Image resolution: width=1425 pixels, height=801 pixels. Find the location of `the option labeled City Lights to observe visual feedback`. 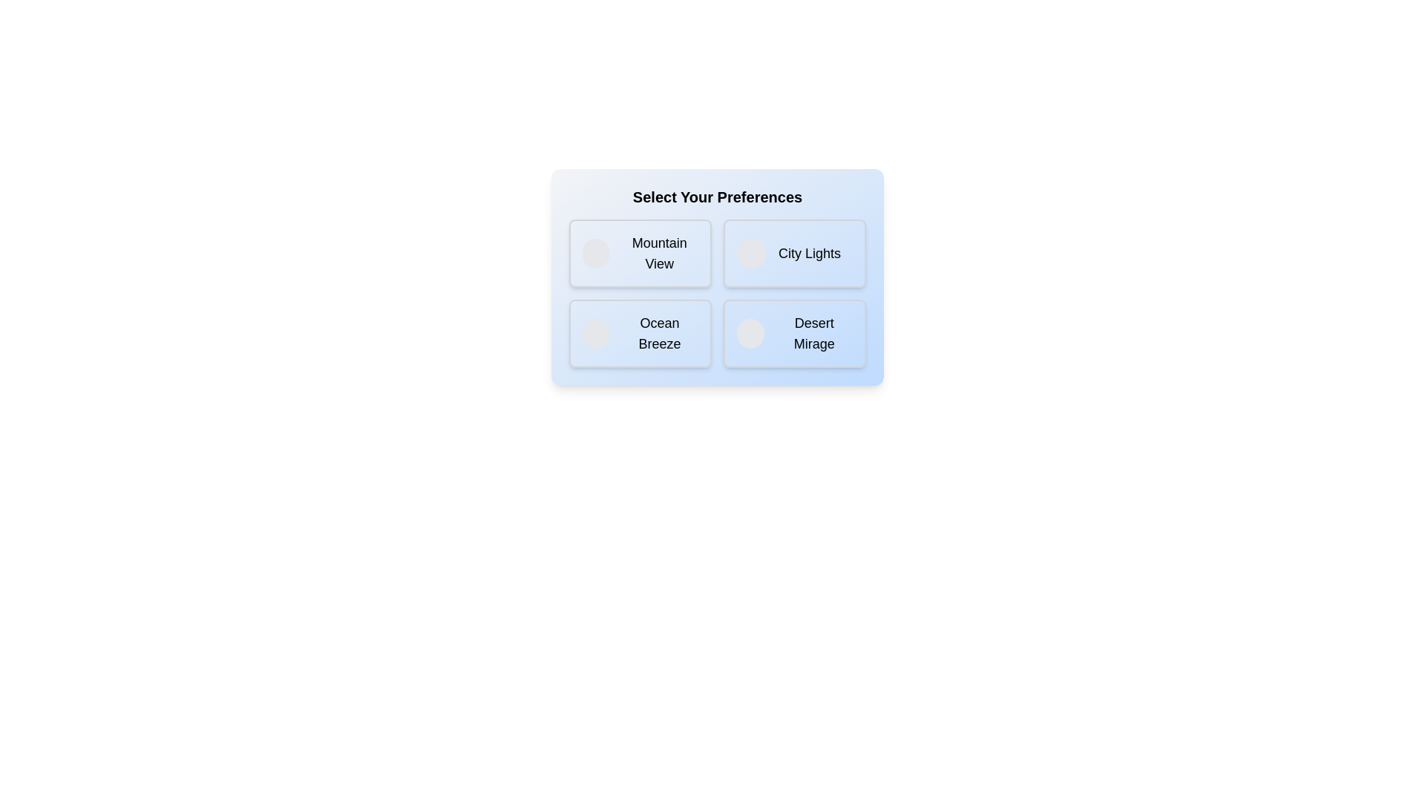

the option labeled City Lights to observe visual feedback is located at coordinates (793, 253).